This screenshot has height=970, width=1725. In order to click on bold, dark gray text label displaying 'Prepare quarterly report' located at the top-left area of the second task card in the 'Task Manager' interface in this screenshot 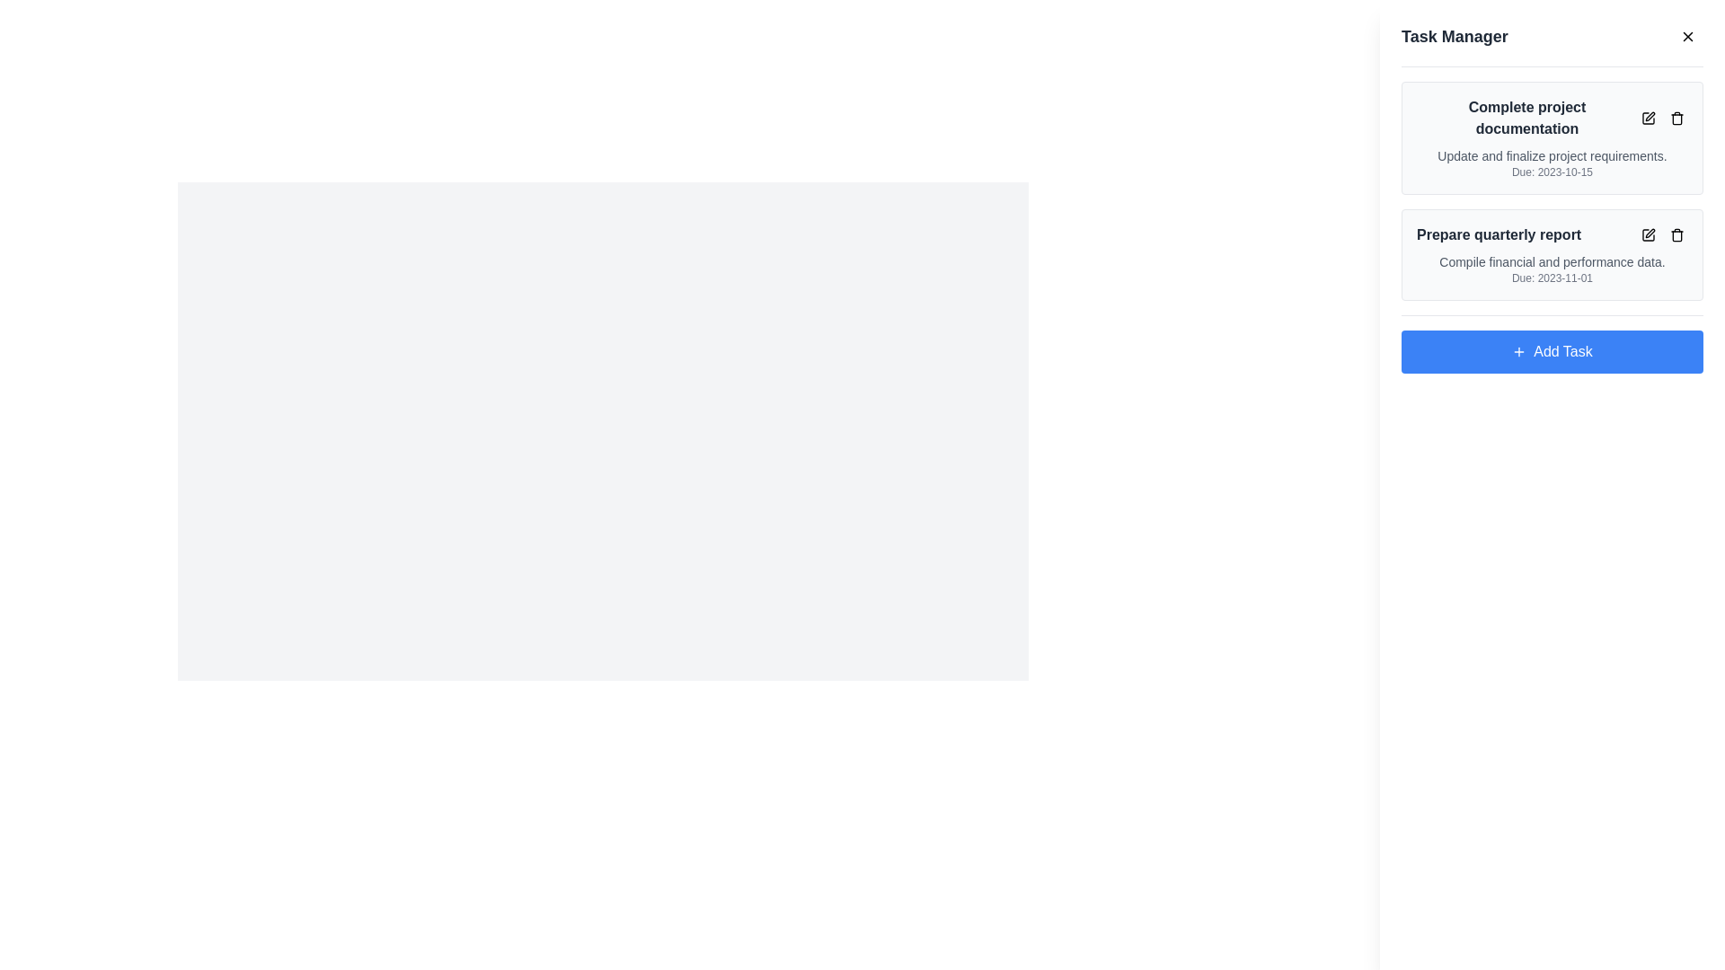, I will do `click(1552, 234)`.